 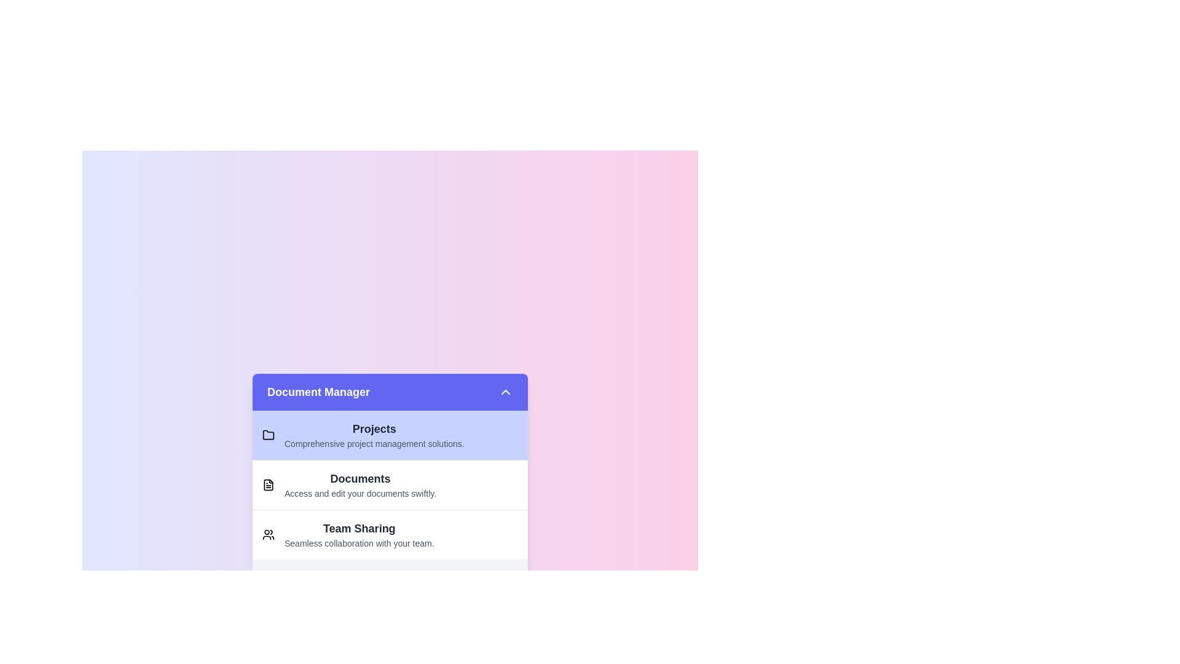 I want to click on the item corresponding to Team Sharing to highlight it, so click(x=389, y=534).